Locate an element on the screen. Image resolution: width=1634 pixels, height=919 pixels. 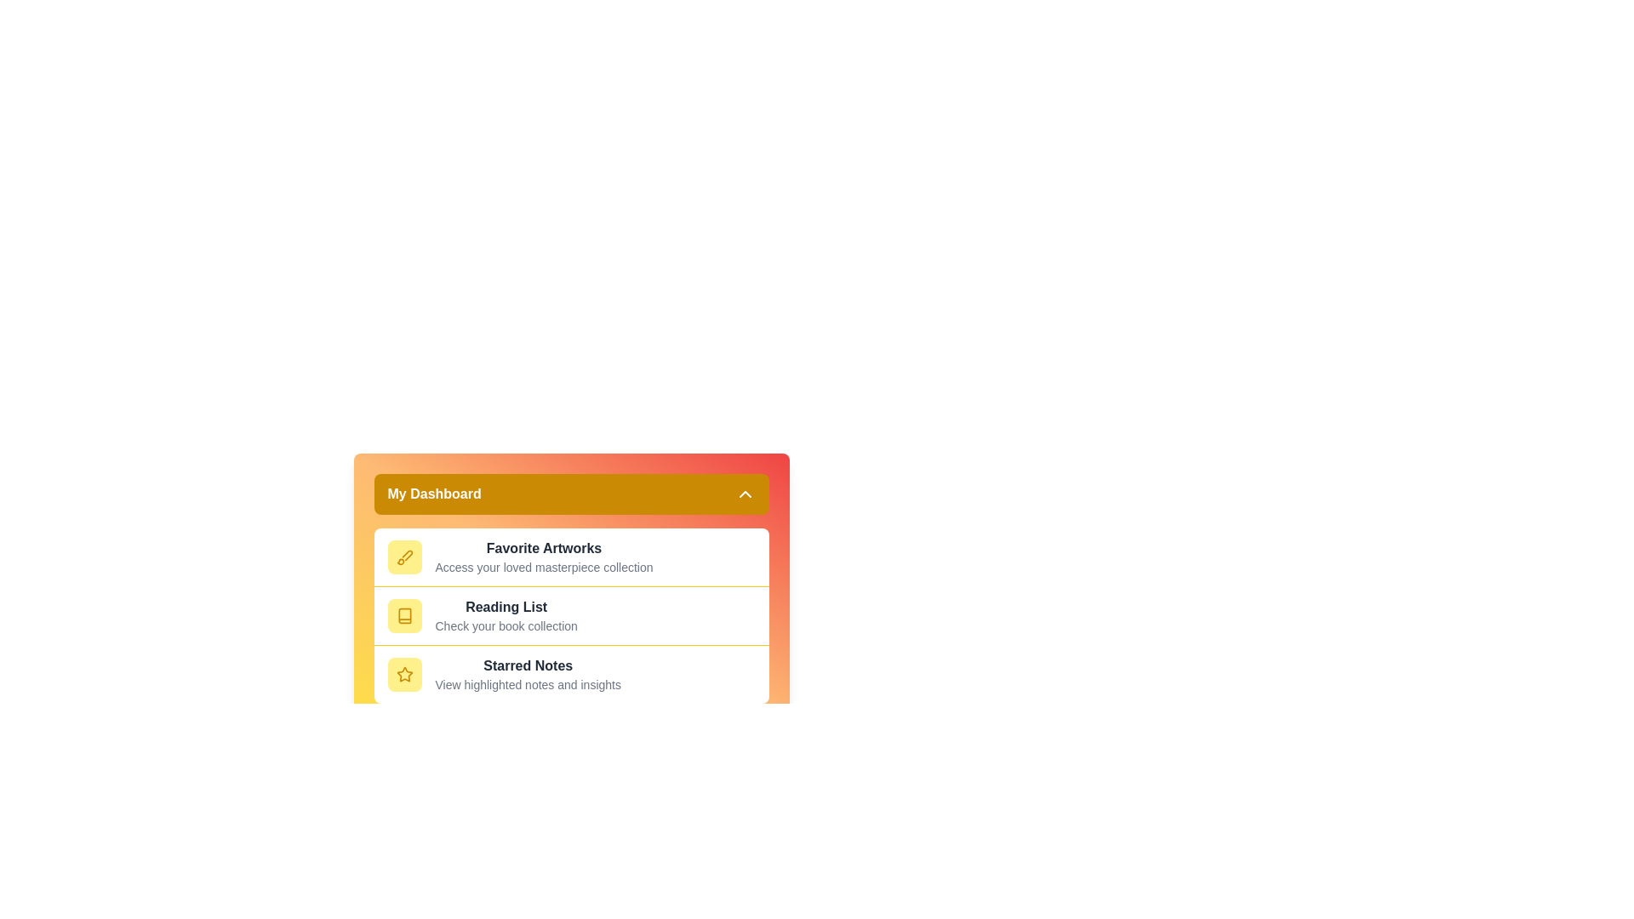
the leftmost icon in the 'Starred Notes' section, which serves as a visual indicator or logo for that section is located at coordinates (403, 674).